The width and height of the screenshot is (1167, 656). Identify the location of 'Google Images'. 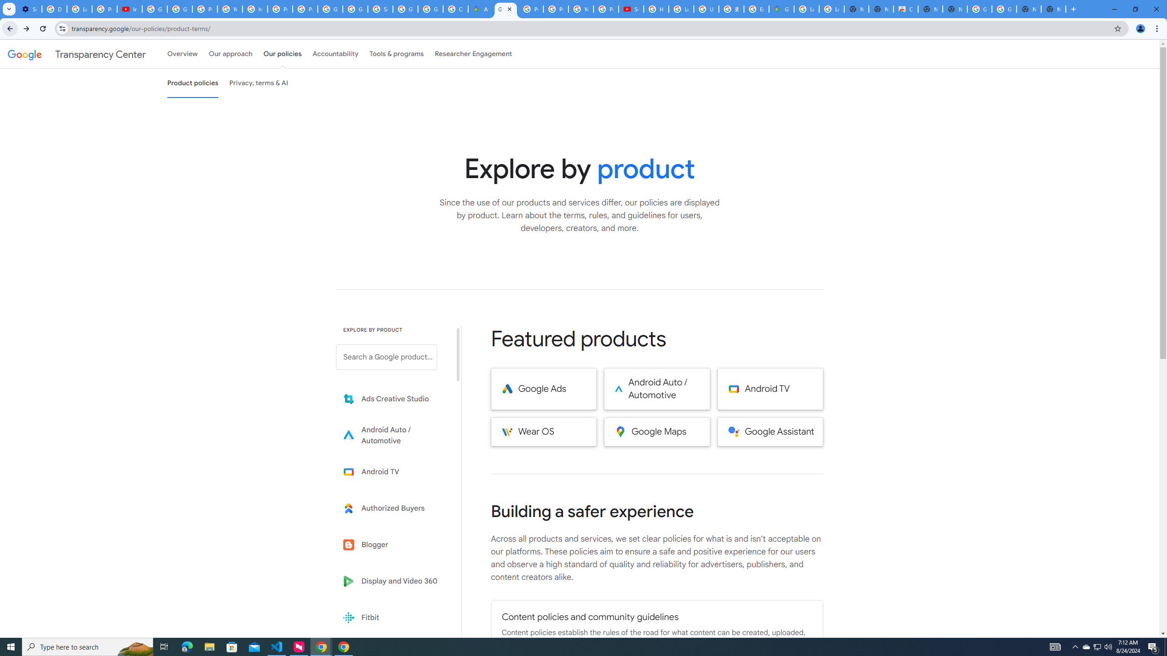
(979, 9).